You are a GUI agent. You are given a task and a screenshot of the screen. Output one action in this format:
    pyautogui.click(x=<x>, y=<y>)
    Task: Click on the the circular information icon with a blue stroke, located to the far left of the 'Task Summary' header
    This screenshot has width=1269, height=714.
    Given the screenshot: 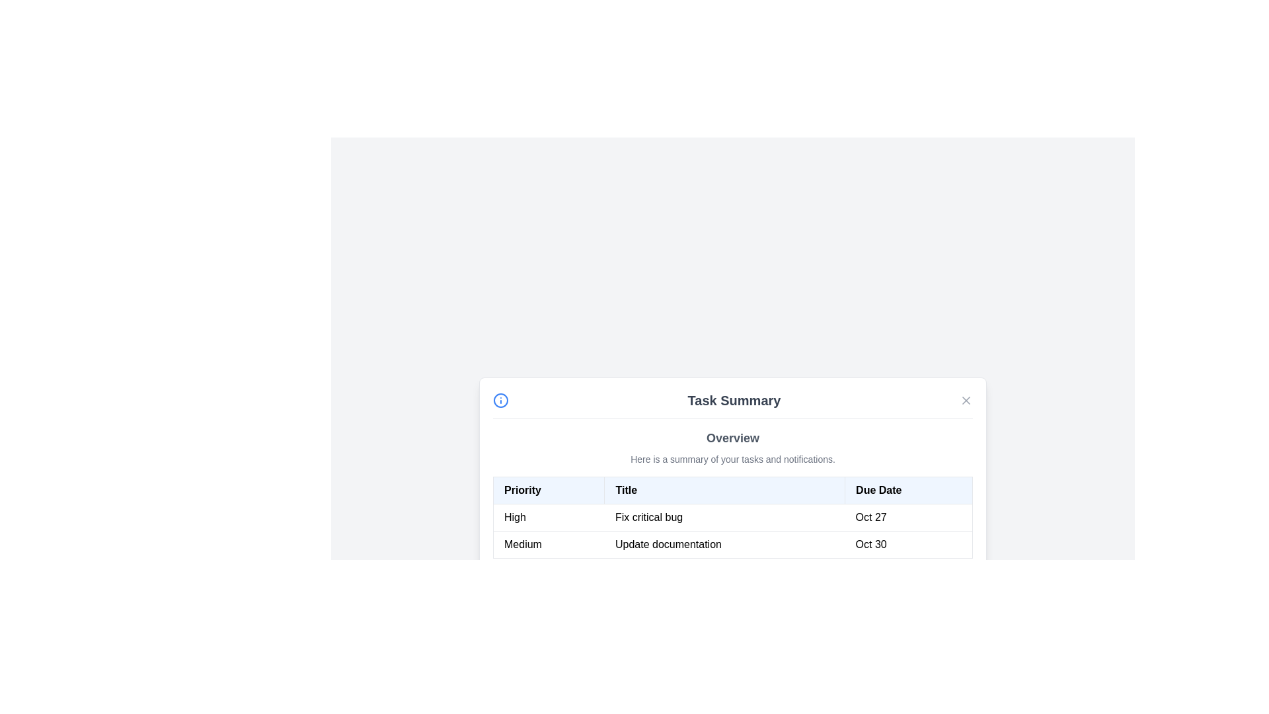 What is the action you would take?
    pyautogui.click(x=500, y=399)
    